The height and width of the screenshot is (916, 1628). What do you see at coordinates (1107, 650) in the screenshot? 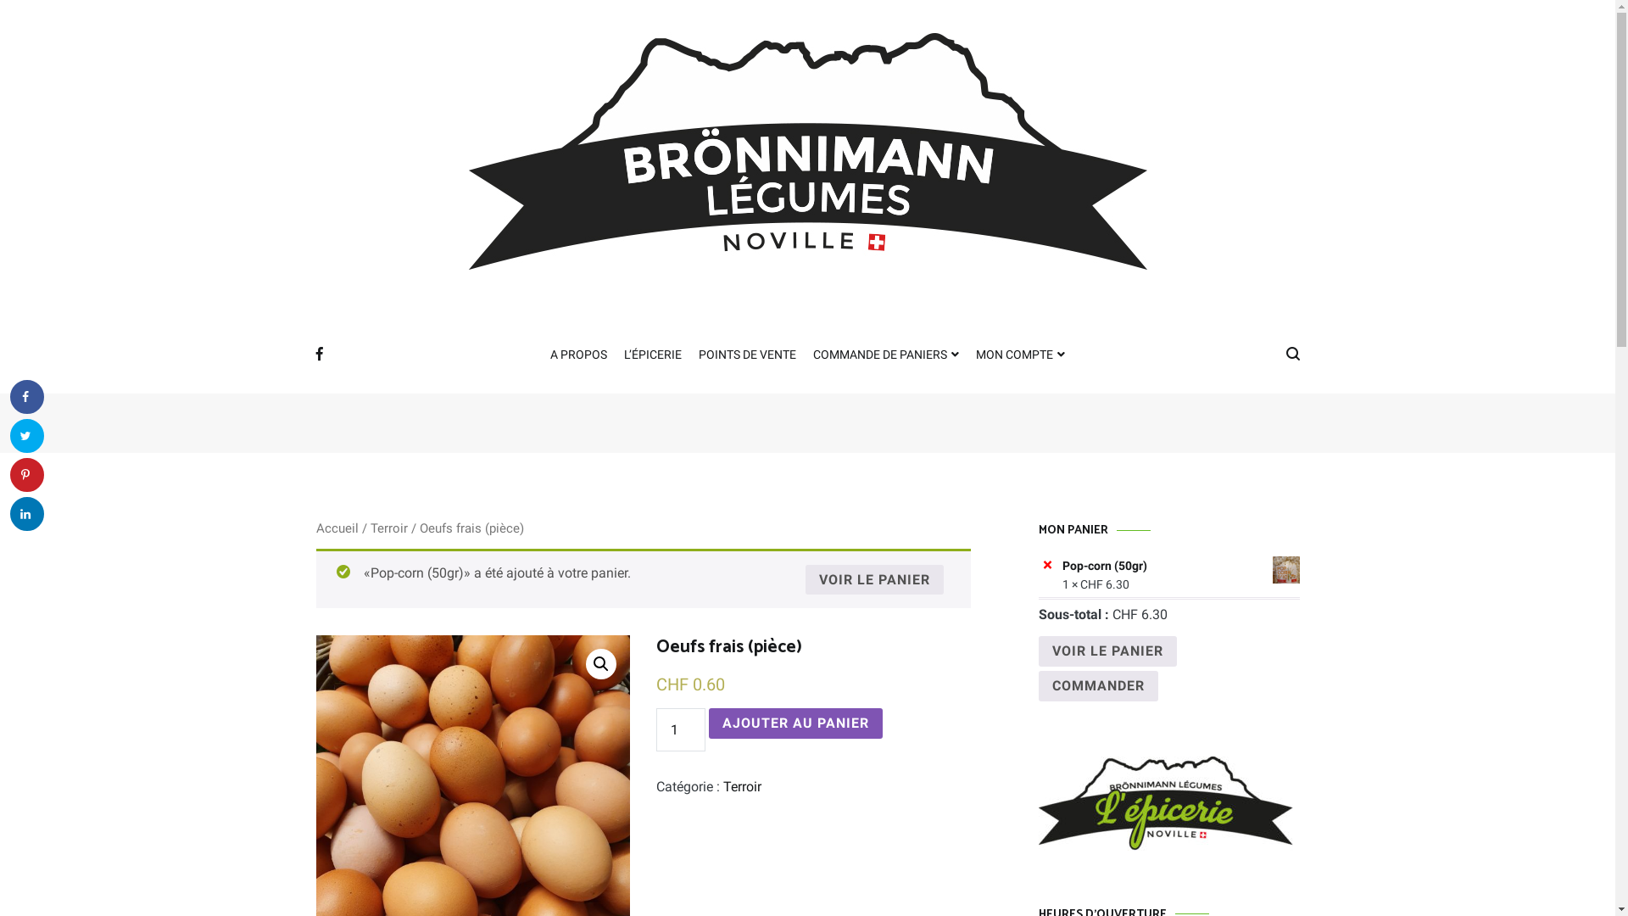
I see `'VOIR LE PANIER'` at bounding box center [1107, 650].